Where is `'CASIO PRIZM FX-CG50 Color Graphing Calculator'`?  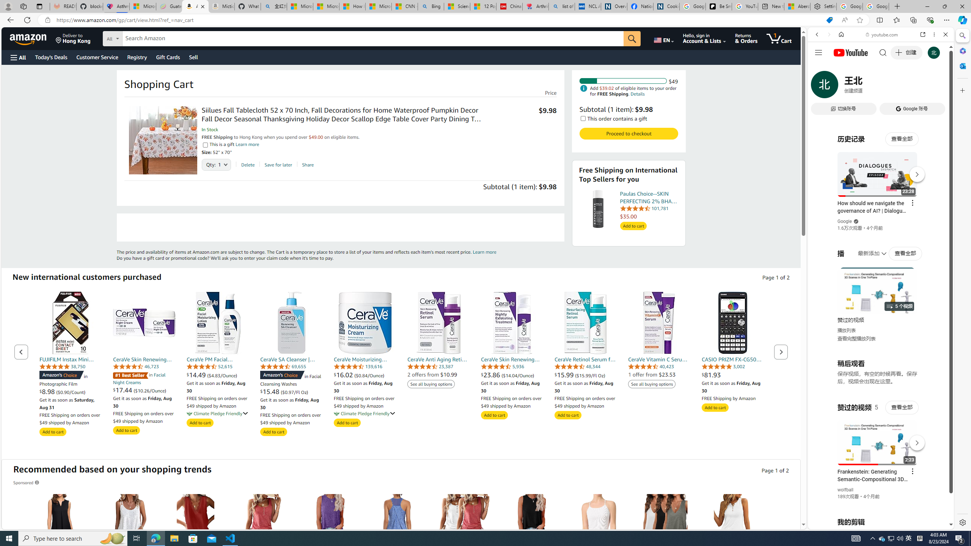
'CASIO PRIZM FX-CG50 Color Graphing Calculator' is located at coordinates (733, 322).